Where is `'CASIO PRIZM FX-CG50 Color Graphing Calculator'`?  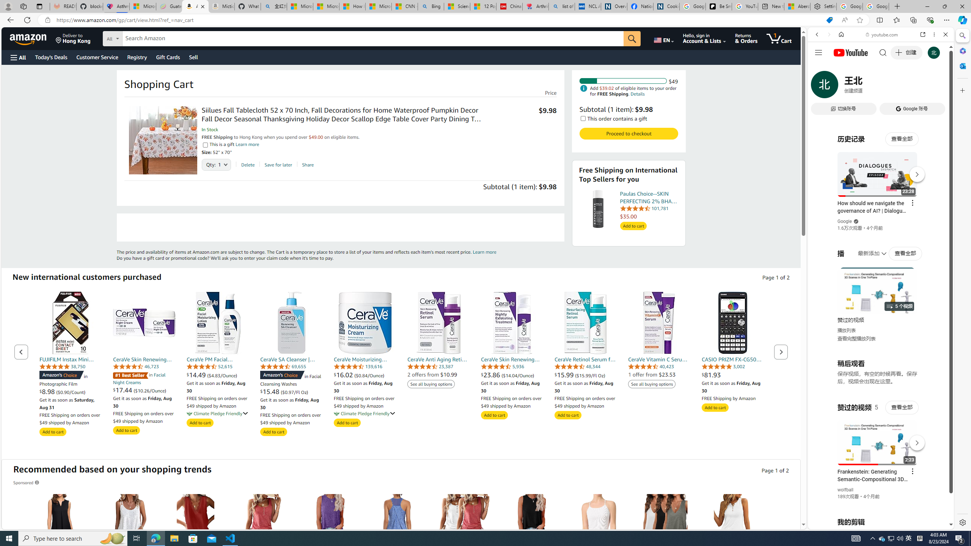
'CASIO PRIZM FX-CG50 Color Graphing Calculator' is located at coordinates (733, 322).